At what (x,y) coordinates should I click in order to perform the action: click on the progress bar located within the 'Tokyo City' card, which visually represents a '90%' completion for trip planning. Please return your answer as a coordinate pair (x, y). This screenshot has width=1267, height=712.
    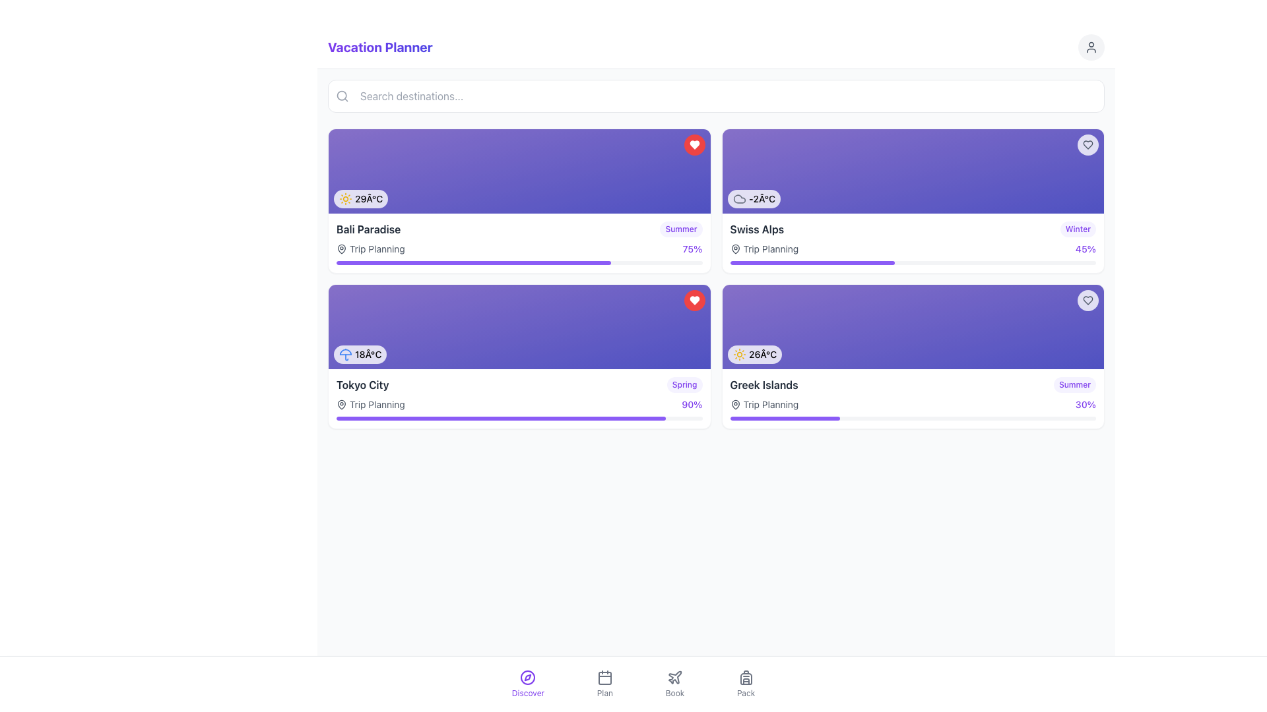
    Looking at the image, I should click on (519, 419).